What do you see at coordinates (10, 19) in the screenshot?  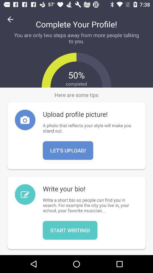 I see `icon to the left of complete your profile!` at bounding box center [10, 19].